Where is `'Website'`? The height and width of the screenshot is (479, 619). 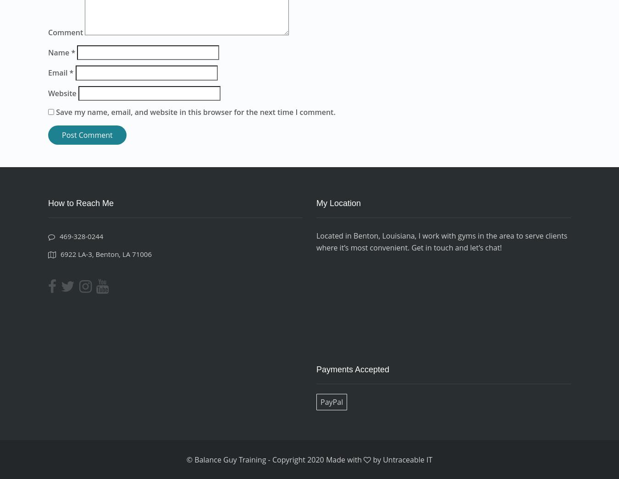 'Website' is located at coordinates (62, 93).